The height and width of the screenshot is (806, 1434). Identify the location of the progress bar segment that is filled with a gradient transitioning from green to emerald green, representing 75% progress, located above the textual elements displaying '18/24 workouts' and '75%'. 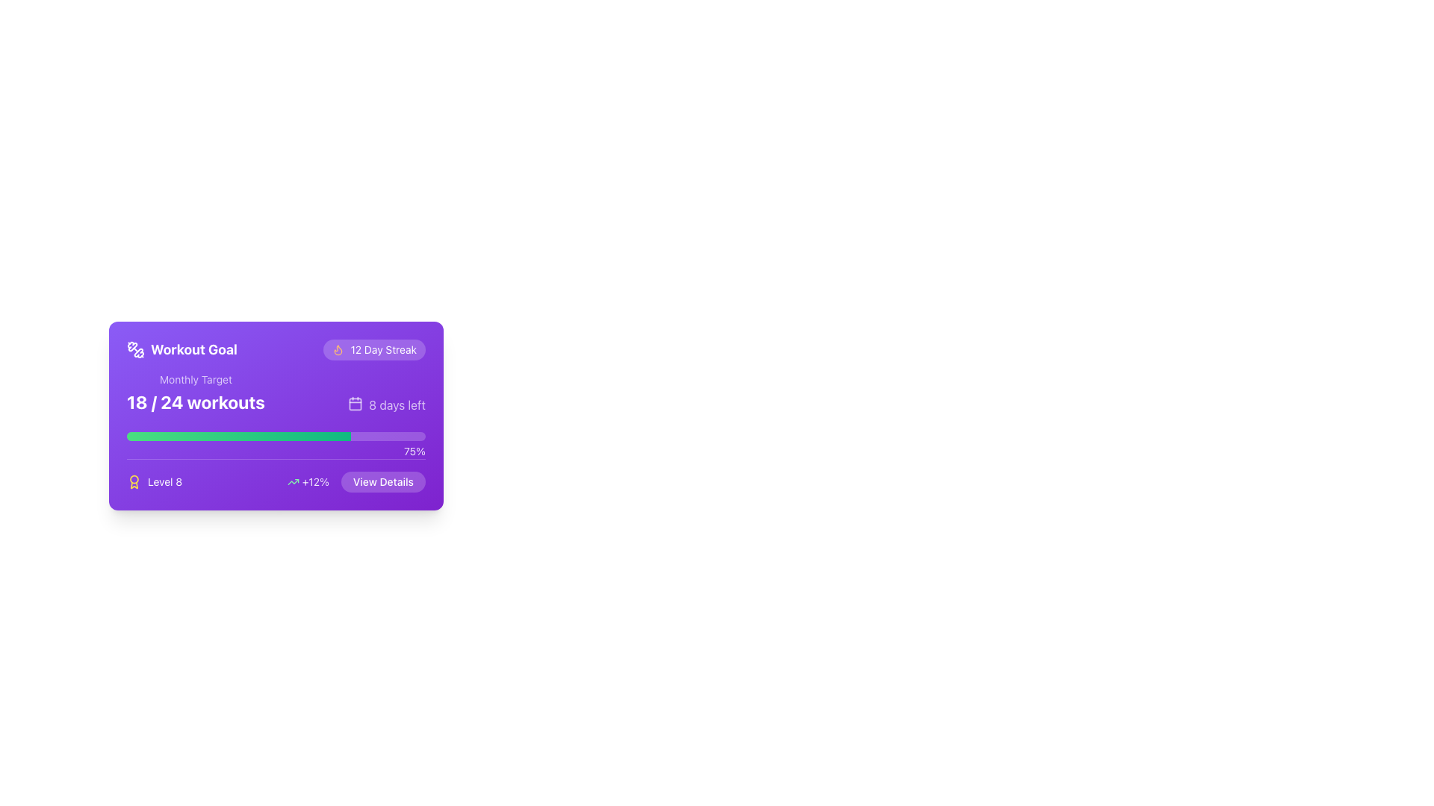
(239, 437).